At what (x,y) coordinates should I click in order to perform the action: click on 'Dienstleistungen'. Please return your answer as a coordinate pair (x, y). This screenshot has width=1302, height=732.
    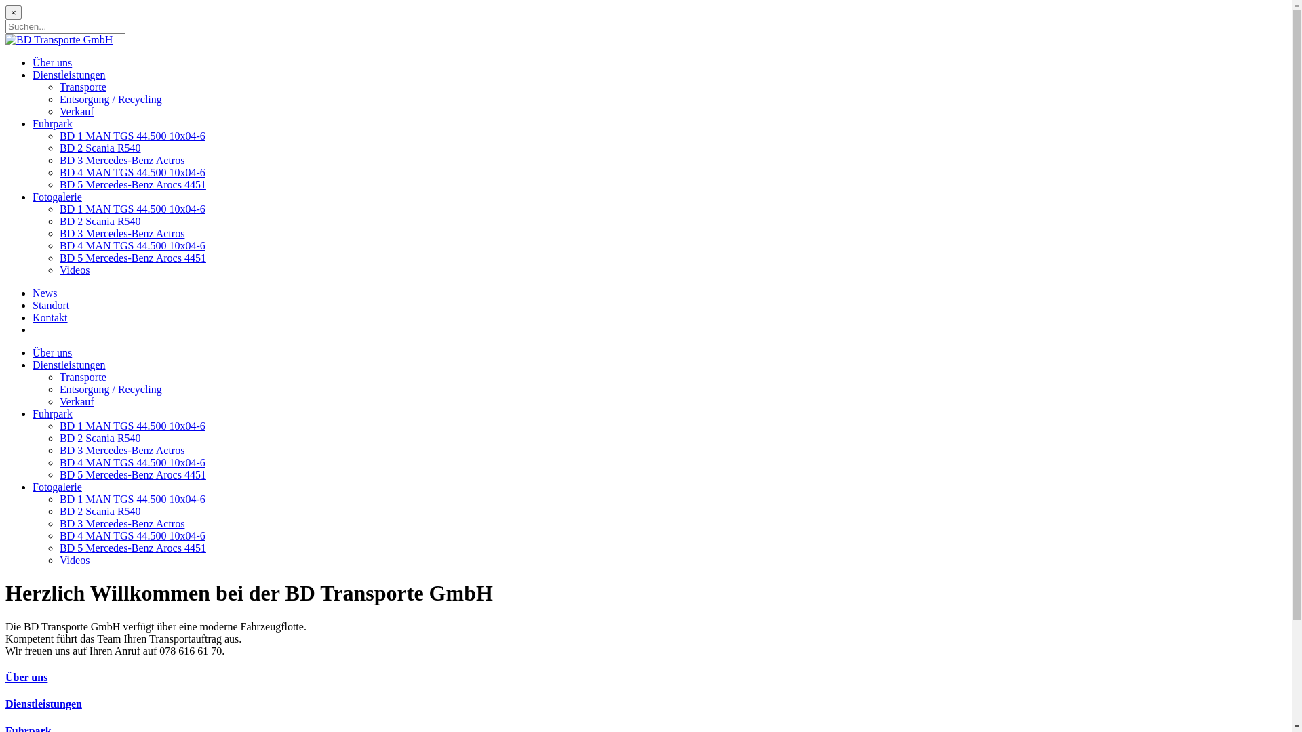
    Looking at the image, I should click on (68, 75).